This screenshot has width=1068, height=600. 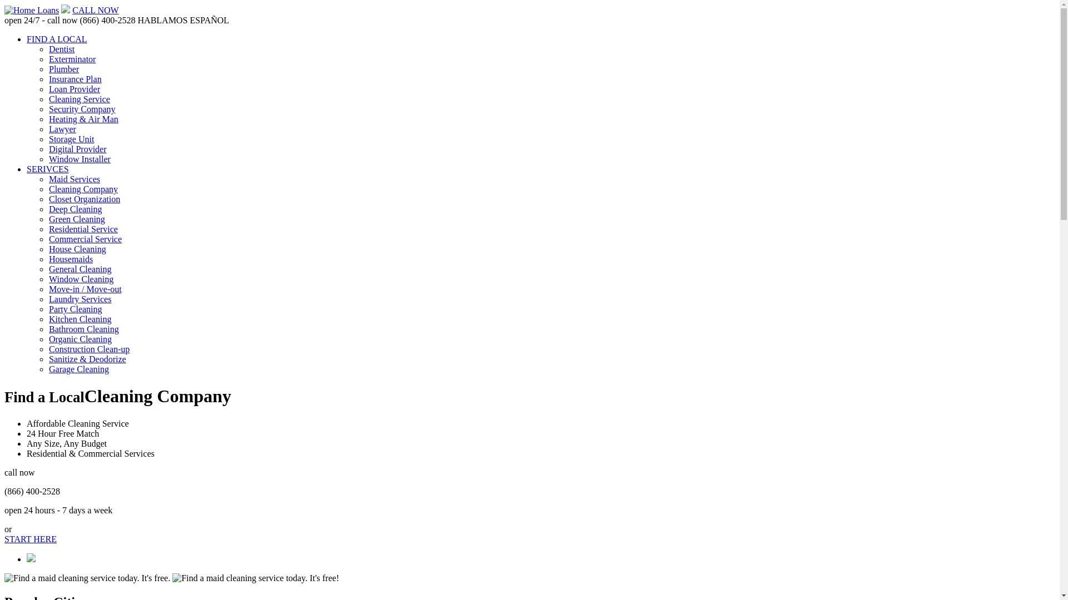 What do you see at coordinates (75, 209) in the screenshot?
I see `'Deep Cleaning'` at bounding box center [75, 209].